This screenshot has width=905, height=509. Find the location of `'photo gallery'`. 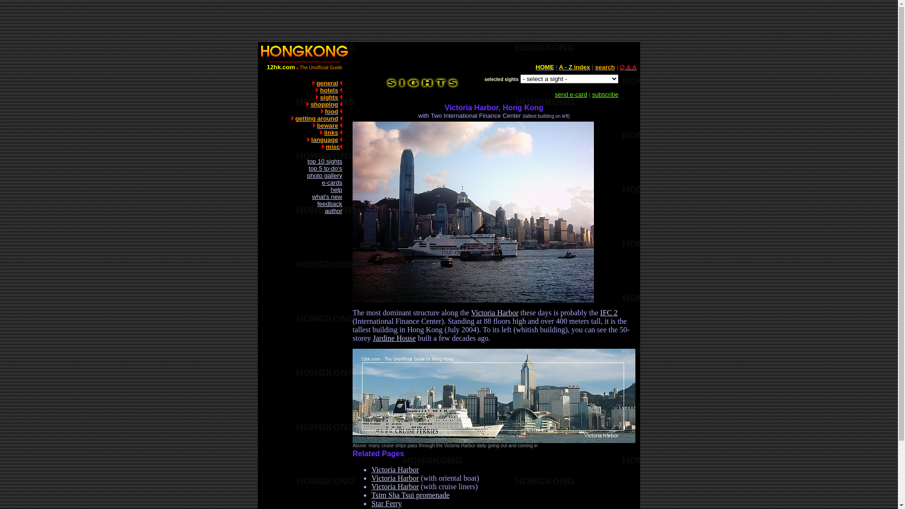

'photo gallery' is located at coordinates (325, 175).